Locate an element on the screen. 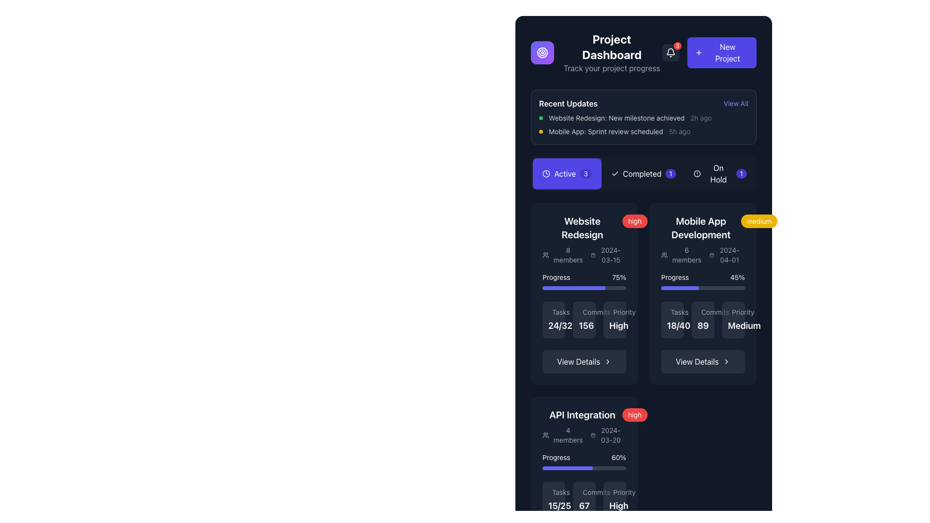 The width and height of the screenshot is (930, 523). the notification bell icon located in the top-right section of the interface is located at coordinates (669, 52).